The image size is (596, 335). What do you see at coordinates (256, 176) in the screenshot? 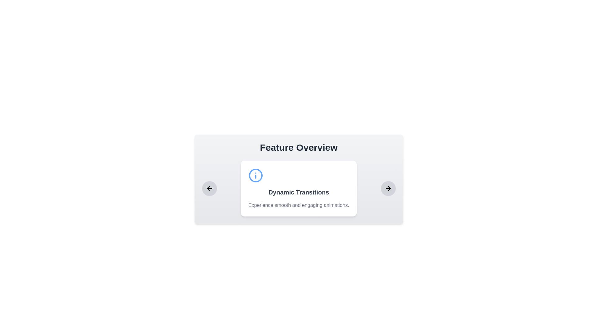
I see `the informational icon located at the top left corner of the 'Dynamic Transitions' card` at bounding box center [256, 176].